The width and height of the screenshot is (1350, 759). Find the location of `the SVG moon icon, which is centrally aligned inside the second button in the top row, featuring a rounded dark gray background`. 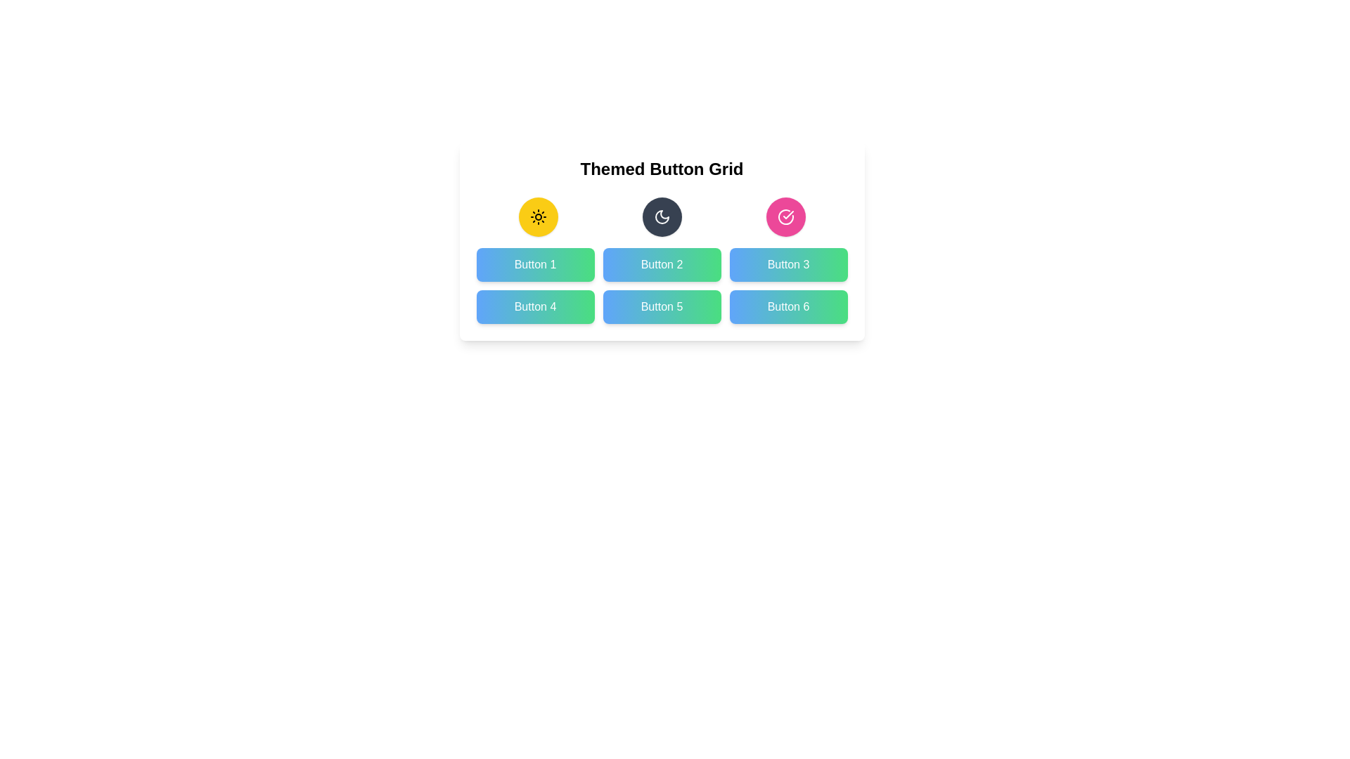

the SVG moon icon, which is centrally aligned inside the second button in the top row, featuring a rounded dark gray background is located at coordinates (661, 216).